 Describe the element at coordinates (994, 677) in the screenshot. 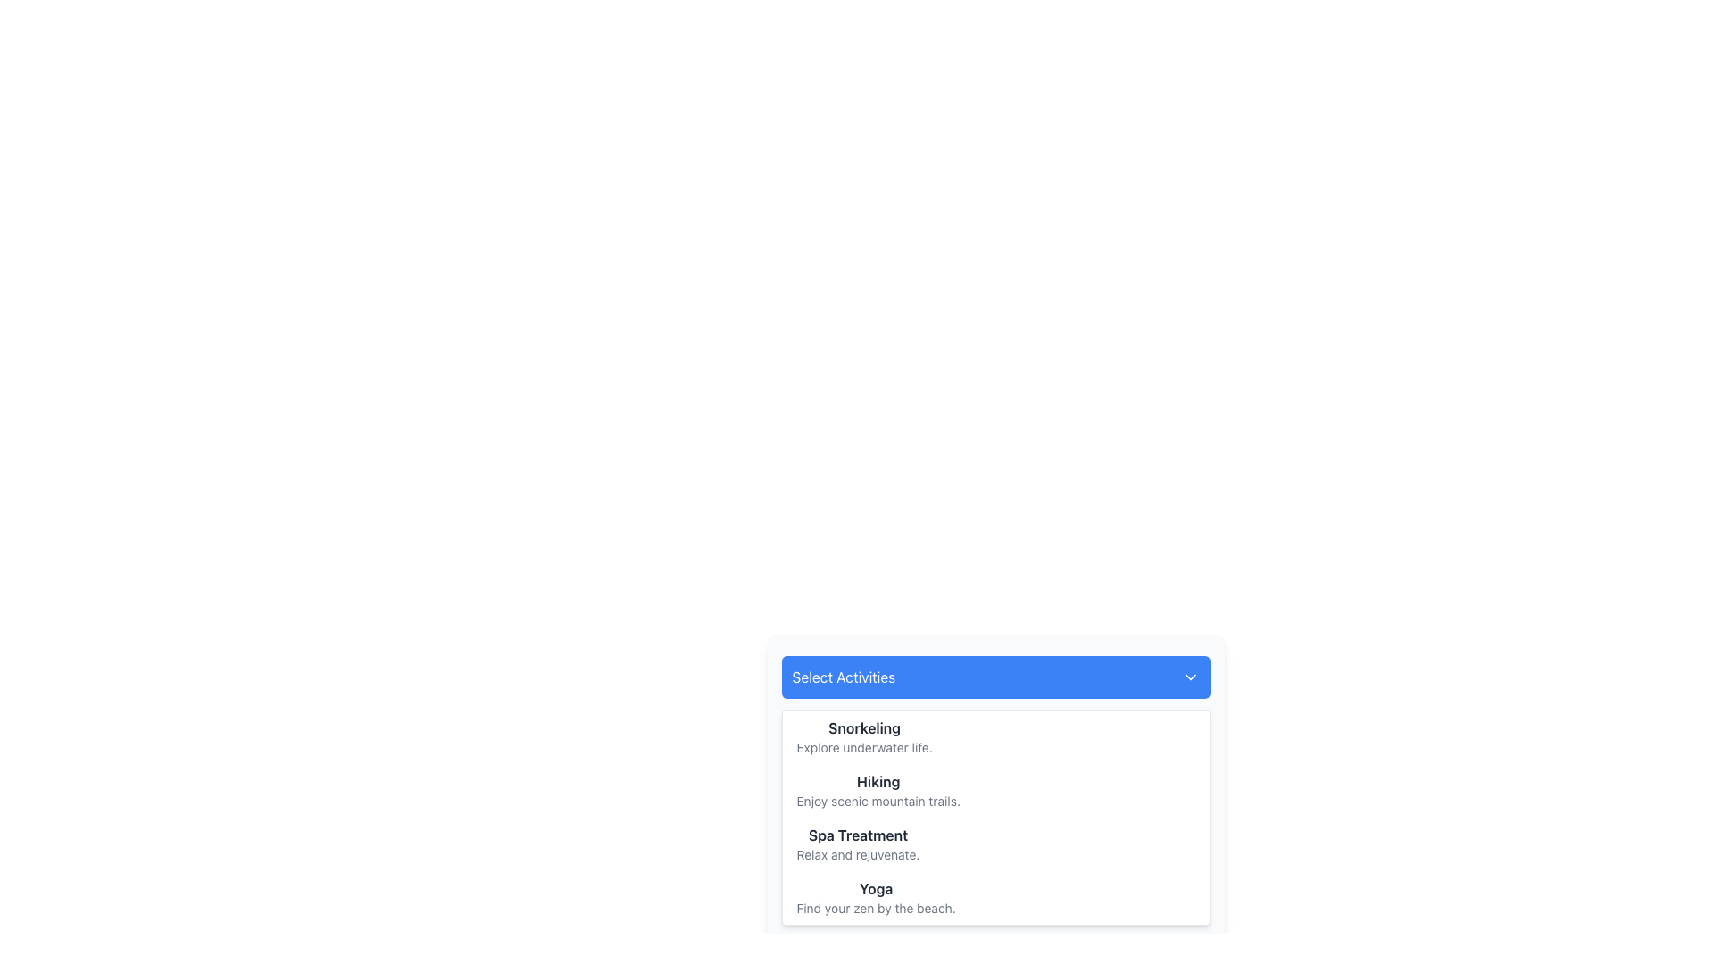

I see `the blue 'Select Activities' Dropdown Trigger Button` at that location.